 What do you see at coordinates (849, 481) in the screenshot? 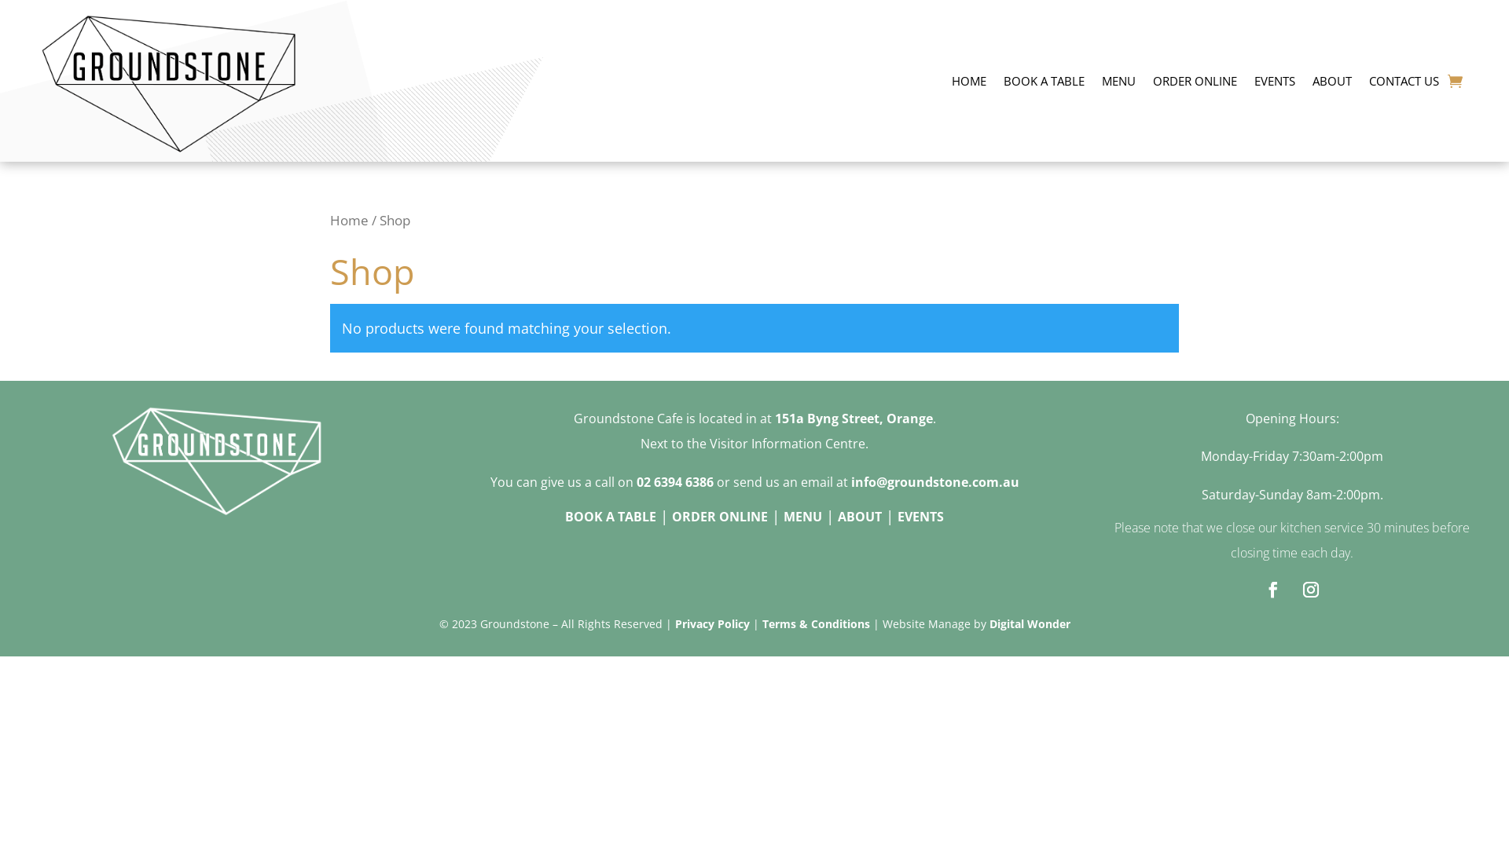
I see `'info@groundstone.com.au'` at bounding box center [849, 481].